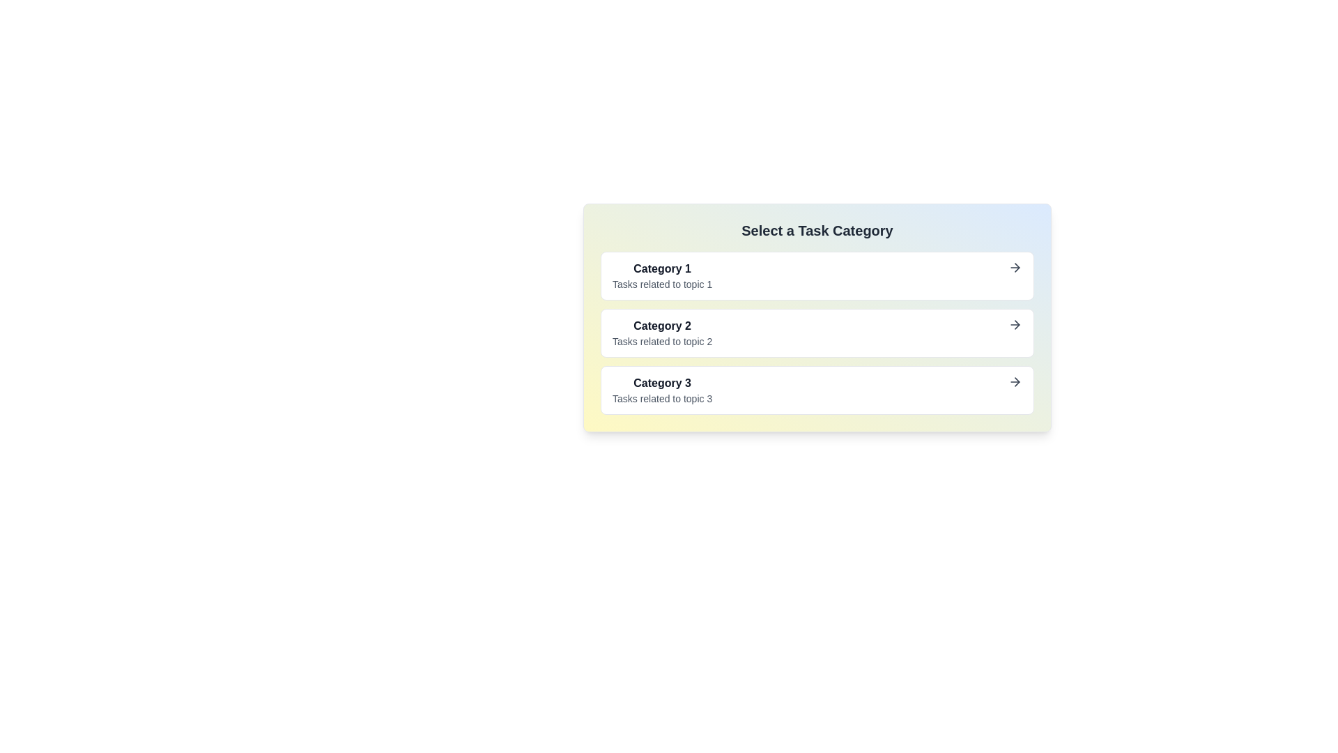 This screenshot has height=753, width=1338. What do you see at coordinates (661, 326) in the screenshot?
I see `the second text label in the vertically stacked list of categories, which serves as a header for tasks related to topic 2` at bounding box center [661, 326].